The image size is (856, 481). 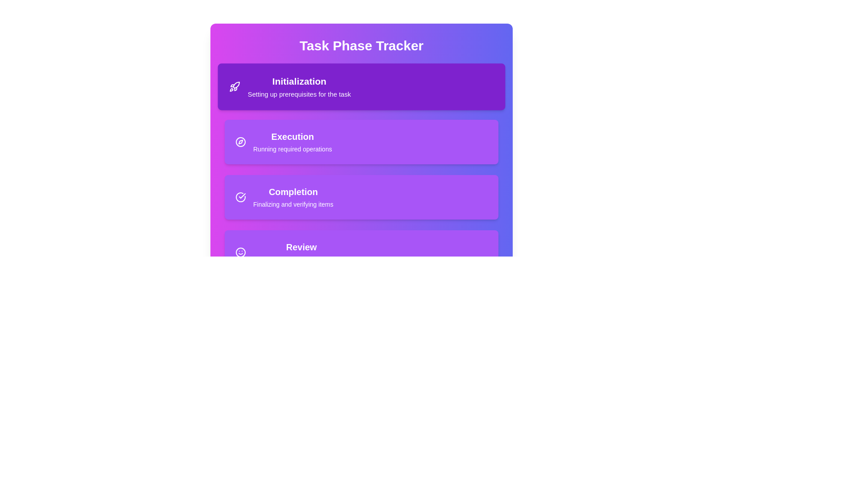 What do you see at coordinates (292, 149) in the screenshot?
I see `the text label reading 'Running required operations' located in the 'Execution' section of the 'Task Phase Tracker' interface, directly below the title 'Execution', within a purple rectangular panel` at bounding box center [292, 149].